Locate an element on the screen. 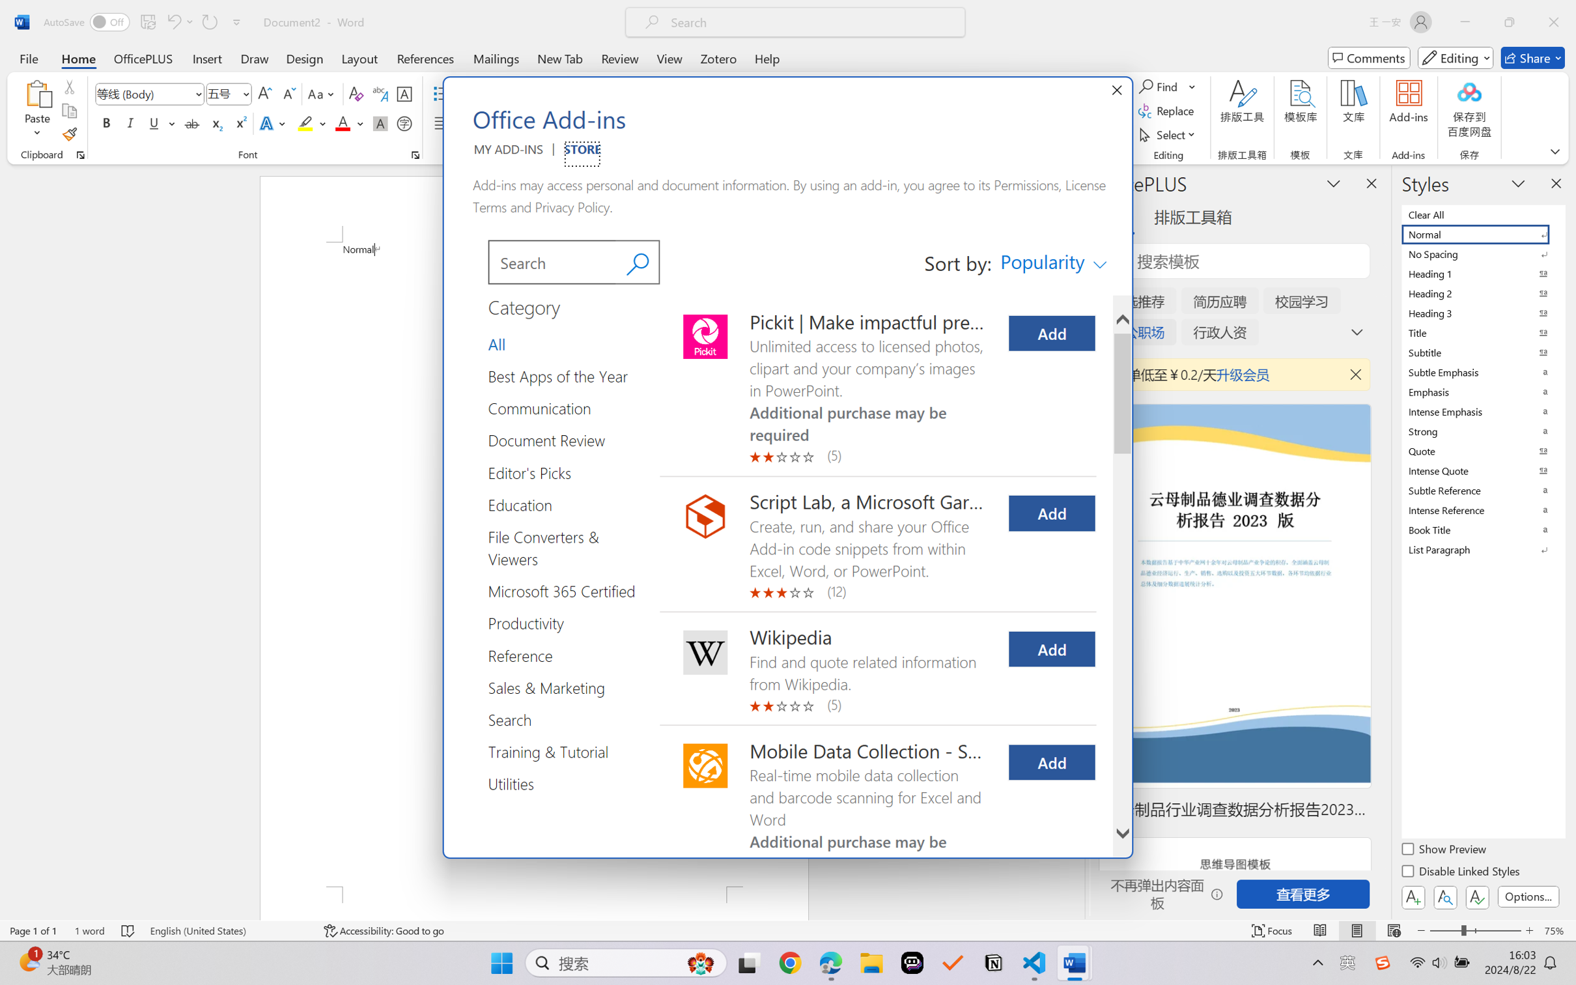  'Mobile Data Collection - Scan-IT to Office icon' is located at coordinates (705, 765).